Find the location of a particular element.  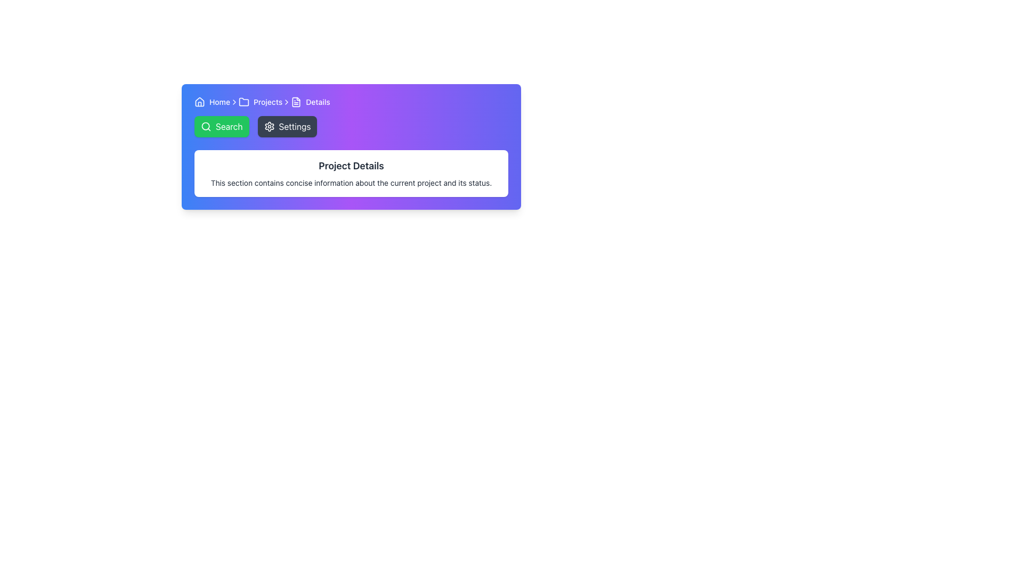

the SVG Folder Icon located to the left of the 'Projects' text in the breadcrumb trail is located at coordinates (243, 102).